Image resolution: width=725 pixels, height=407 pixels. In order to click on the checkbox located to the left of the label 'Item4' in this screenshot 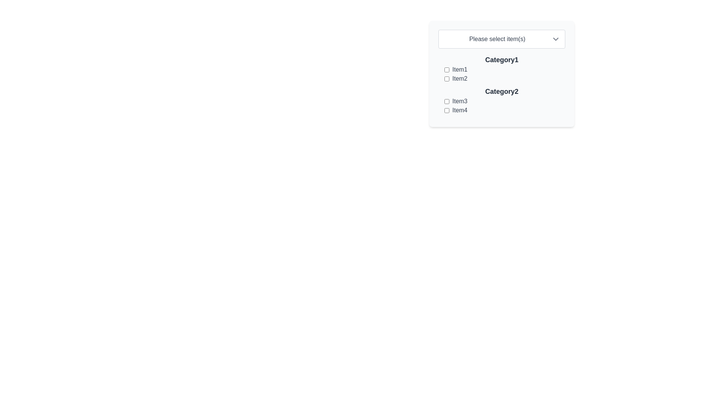, I will do `click(447, 110)`.